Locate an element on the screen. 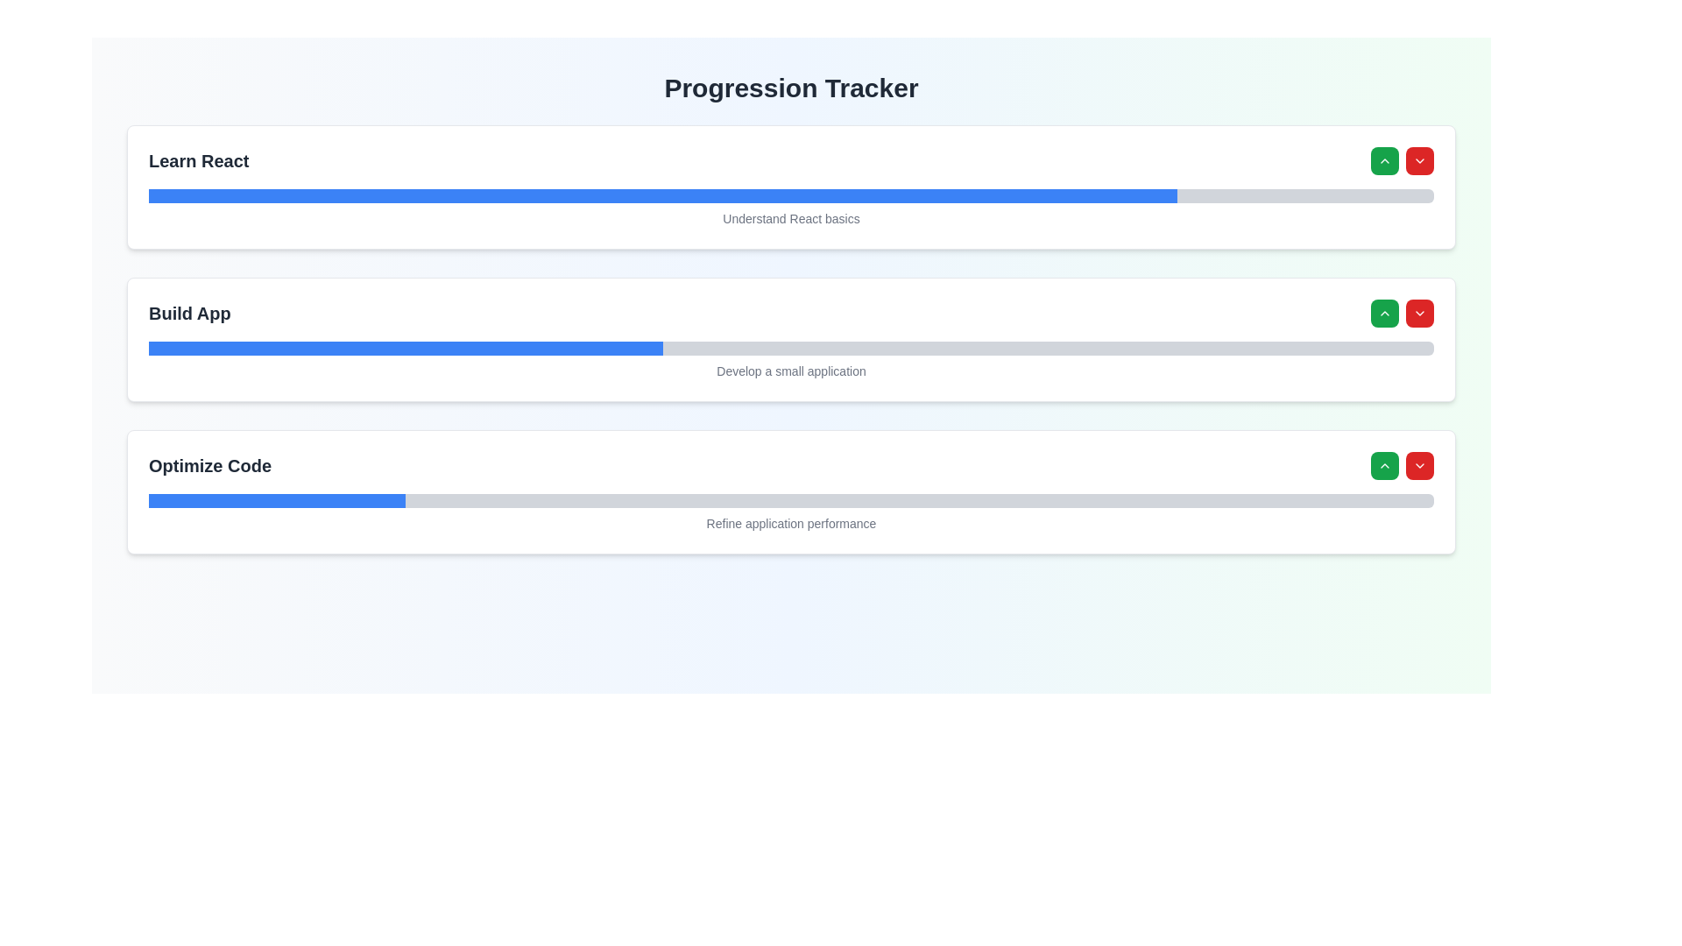 This screenshot has width=1682, height=946. the chevron-up icon, which is a small upward-pointing arrow styled with a thin, rounded stroke, located within a green circular button on the right side of the progress tracker item is located at coordinates (1383, 313).